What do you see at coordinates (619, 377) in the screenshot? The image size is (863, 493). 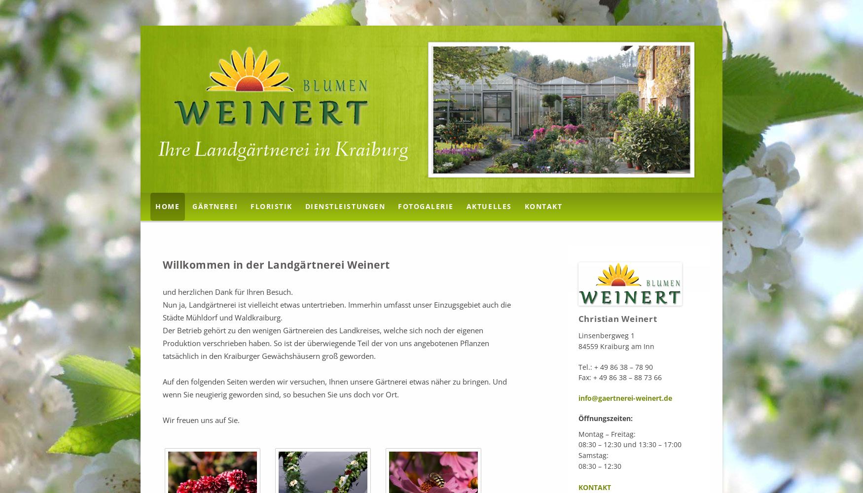 I see `'Fax: + 49 86 38 – 88 73 66'` at bounding box center [619, 377].